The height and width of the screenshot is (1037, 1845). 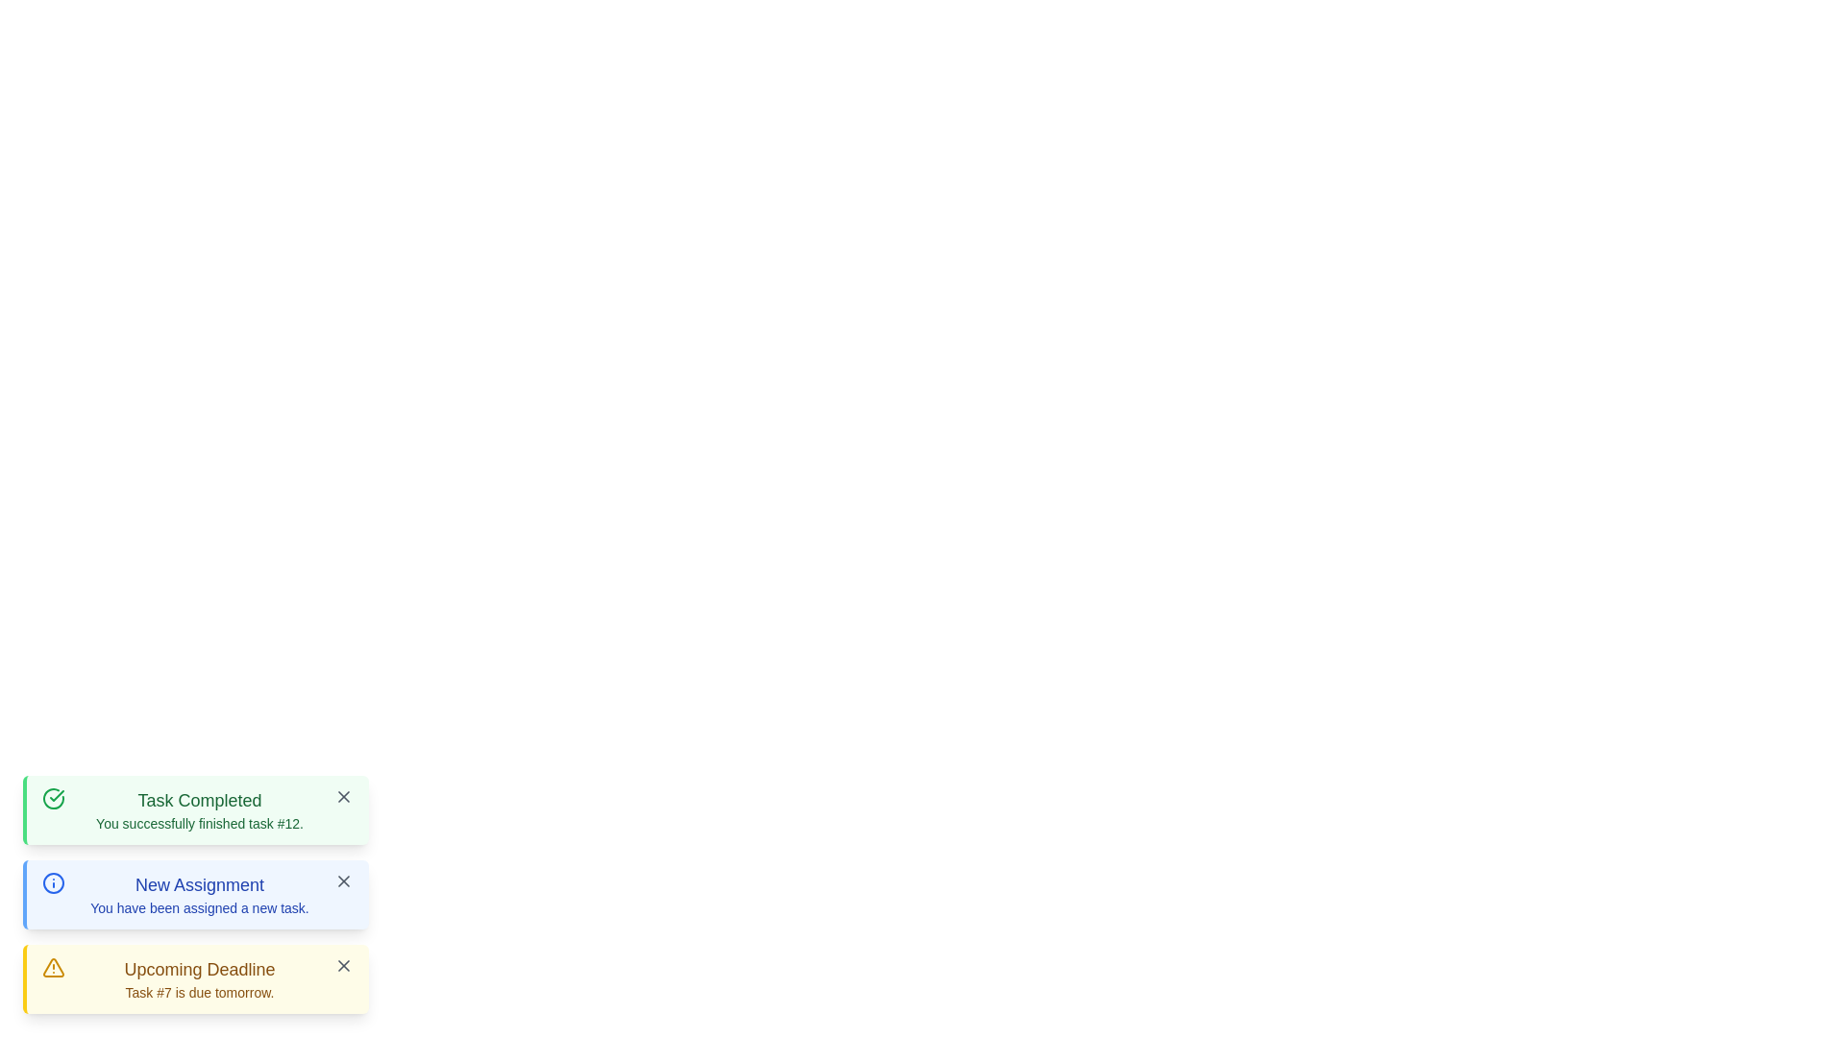 I want to click on the Informational Notification Box with a blue background that displays the title 'New Assignment' and the text 'You have been assigned a new task.' This box is positioned below a green notification and above a yellow one, so click(x=195, y=895).